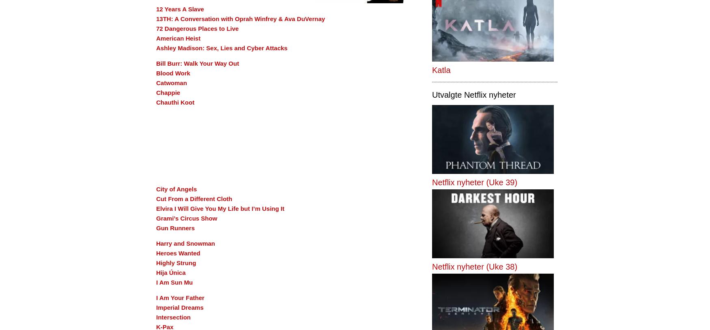 The height and width of the screenshot is (330, 710). I want to click on 'I Am Sun Mu', so click(174, 282).